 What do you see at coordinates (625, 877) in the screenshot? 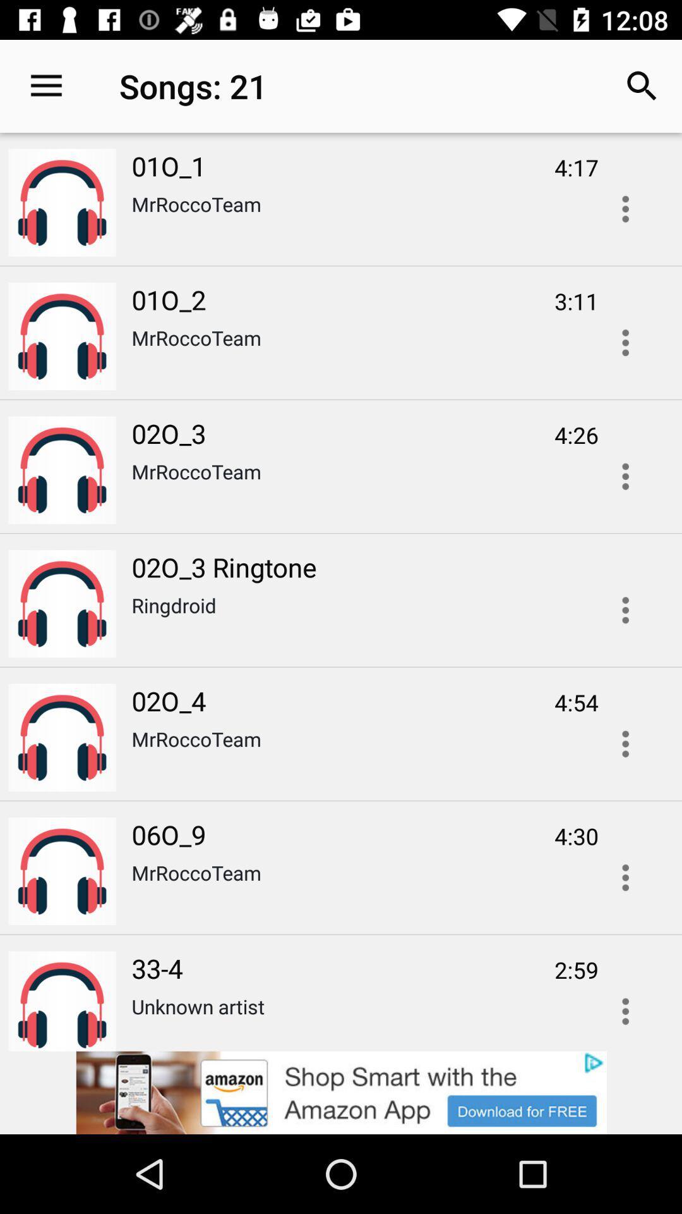
I see `over view option` at bounding box center [625, 877].